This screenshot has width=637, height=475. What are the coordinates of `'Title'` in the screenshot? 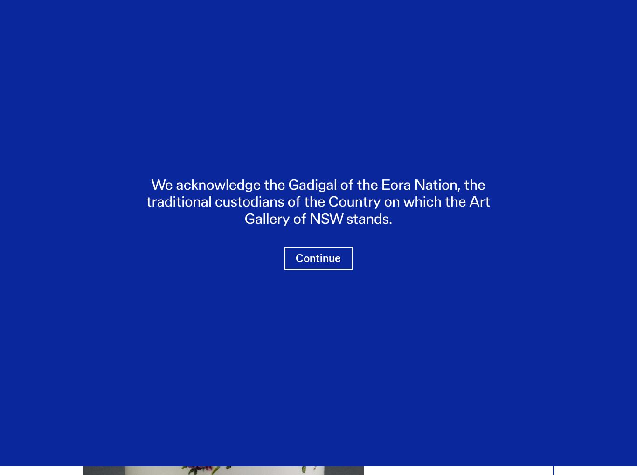 It's located at (89, 144).